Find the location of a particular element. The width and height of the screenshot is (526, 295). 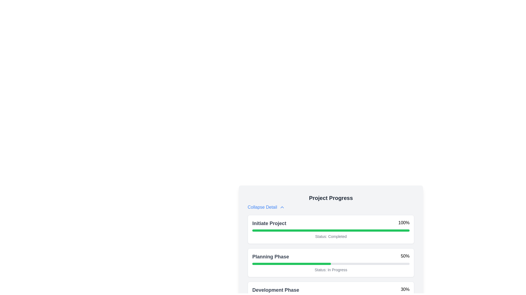

the 'Initiate Project' text label, which is bold and dark gray, located in the progress tracker UI is located at coordinates (269, 223).